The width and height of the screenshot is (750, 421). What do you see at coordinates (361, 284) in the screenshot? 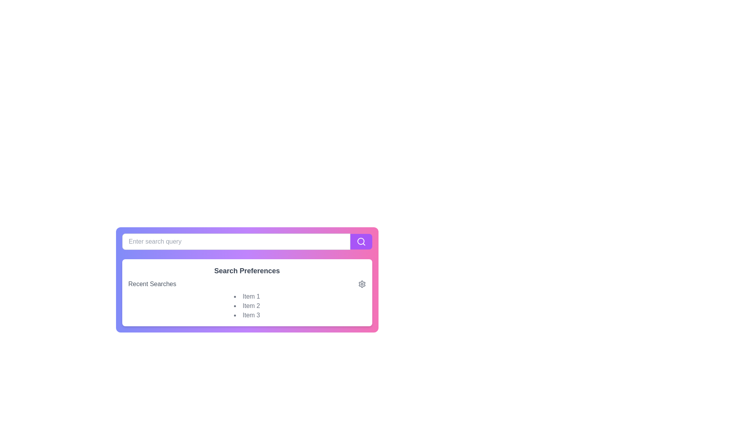
I see `the cogwheel-shaped settings icon displayed in gray` at bounding box center [361, 284].